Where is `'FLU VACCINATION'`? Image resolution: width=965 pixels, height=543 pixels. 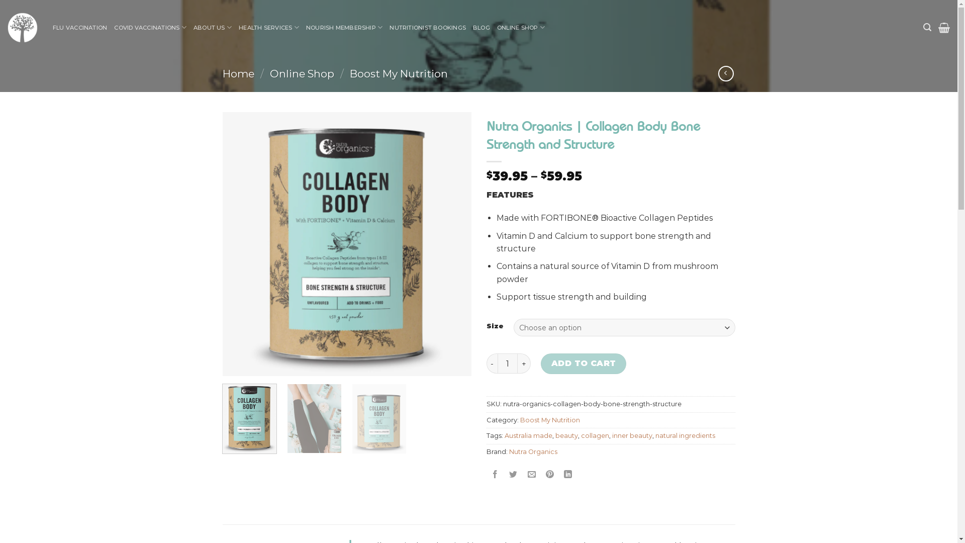
'FLU VACCINATION' is located at coordinates (79, 27).